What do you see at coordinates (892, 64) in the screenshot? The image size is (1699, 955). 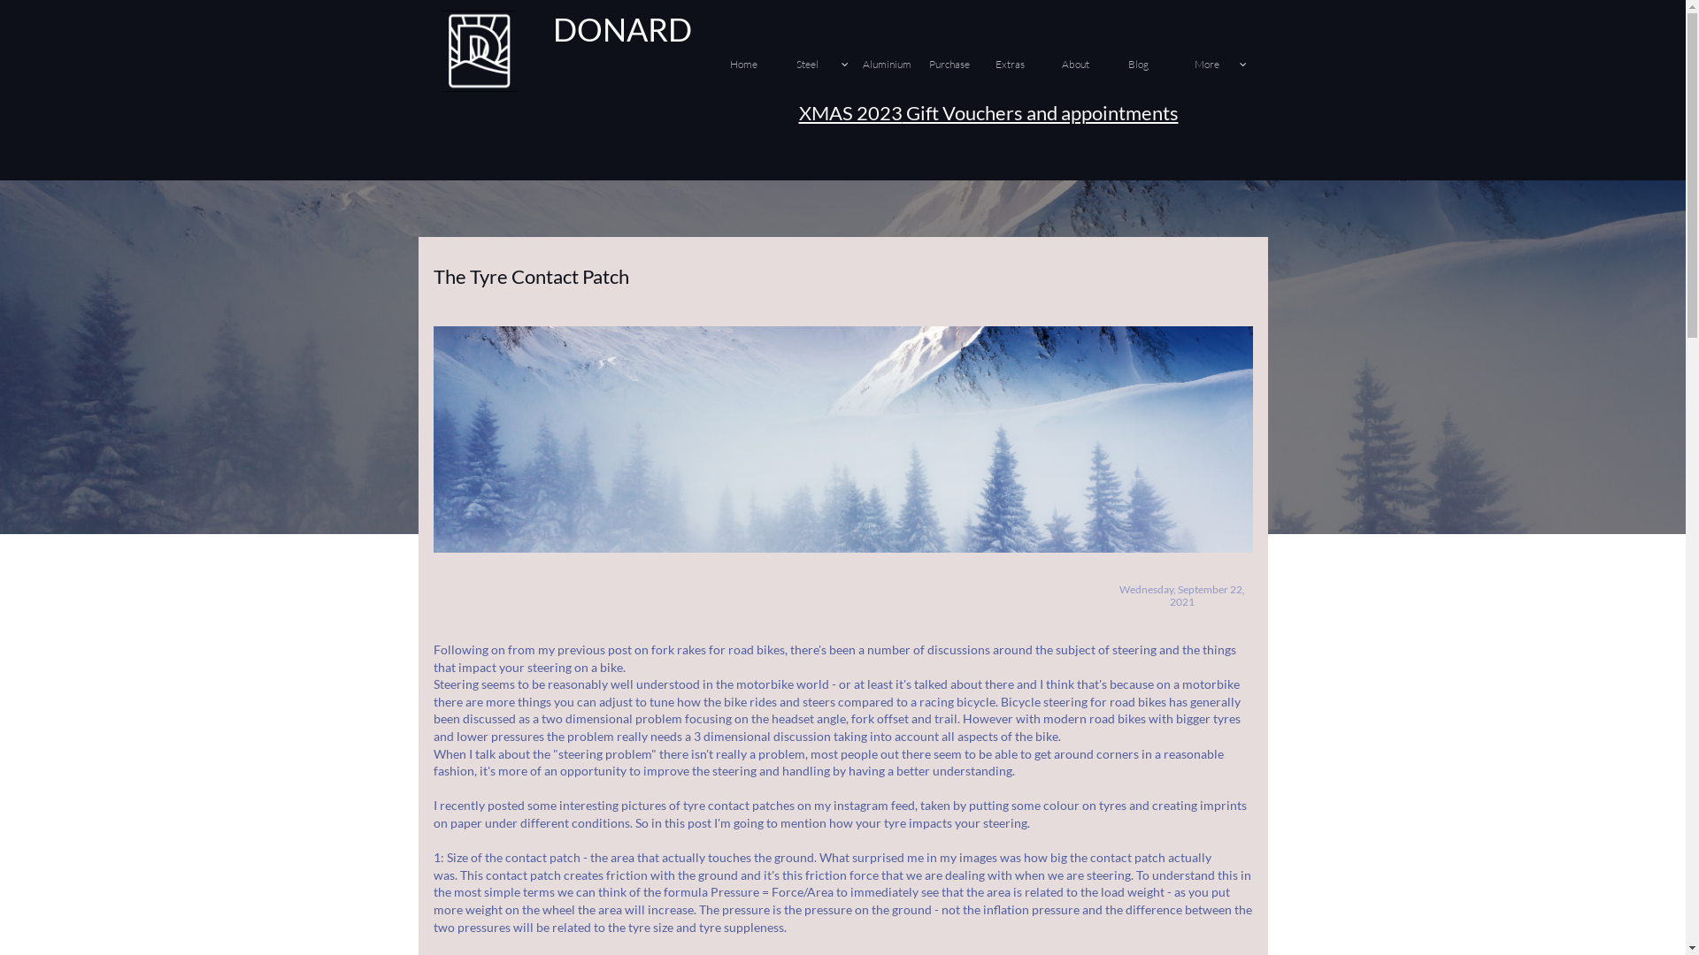 I see `'Aluminium'` at bounding box center [892, 64].